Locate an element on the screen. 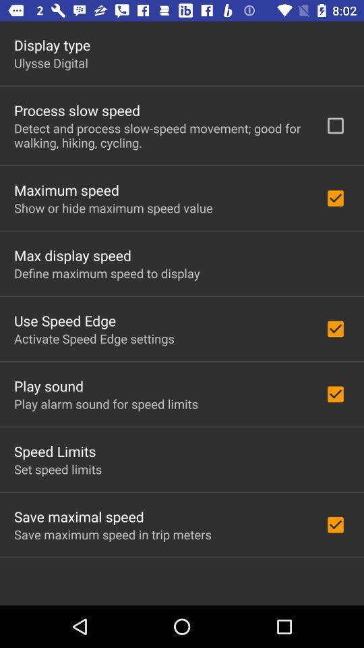 This screenshot has height=648, width=364. icon above process slow speed item is located at coordinates (50, 63).